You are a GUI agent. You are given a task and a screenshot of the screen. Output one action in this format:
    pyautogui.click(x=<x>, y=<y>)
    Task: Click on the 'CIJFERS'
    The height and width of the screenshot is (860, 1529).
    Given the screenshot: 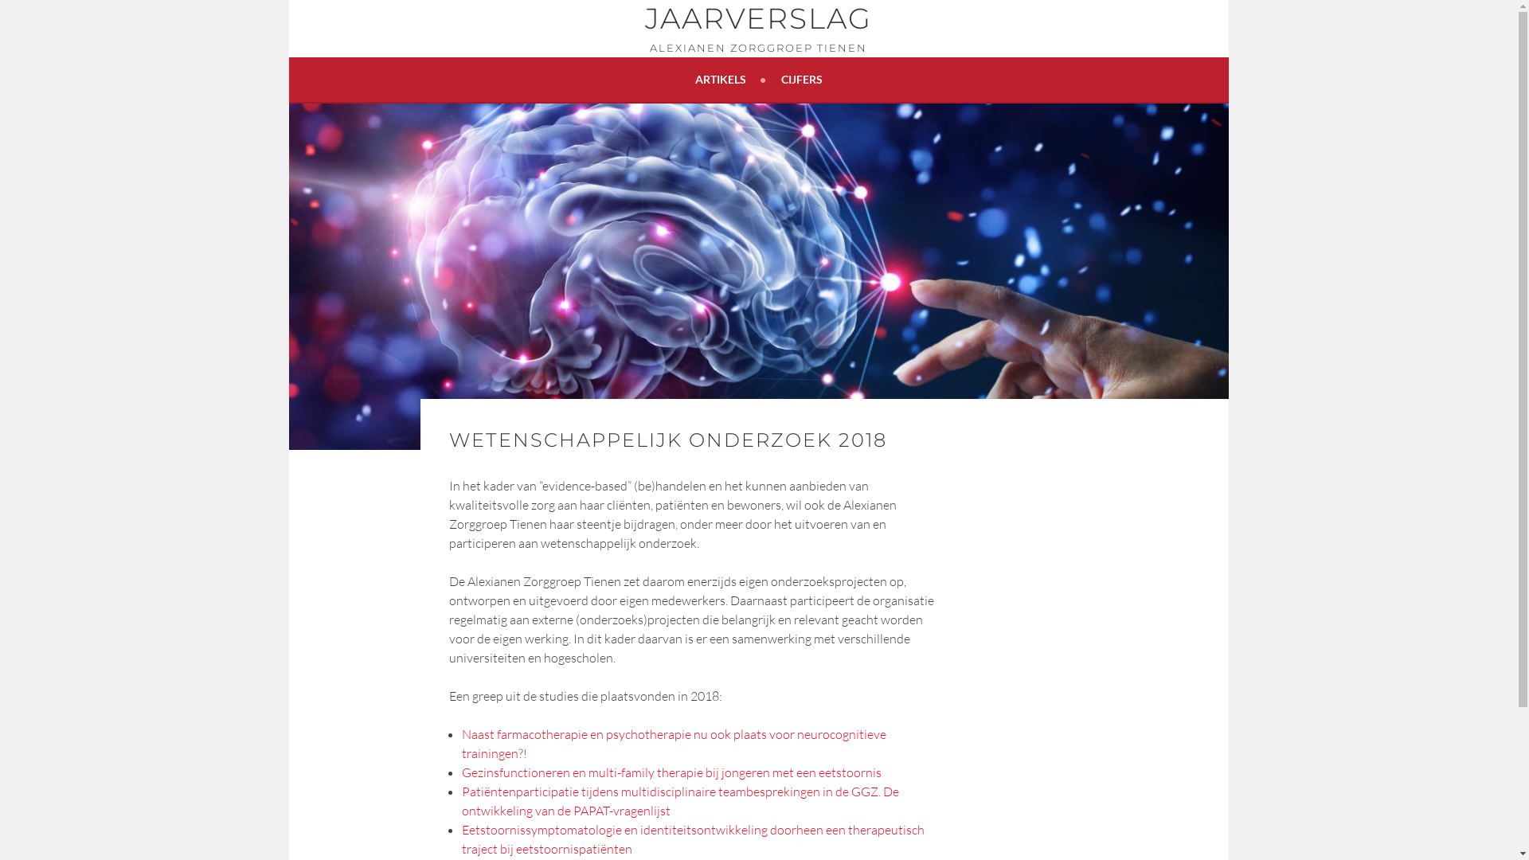 What is the action you would take?
    pyautogui.click(x=801, y=80)
    